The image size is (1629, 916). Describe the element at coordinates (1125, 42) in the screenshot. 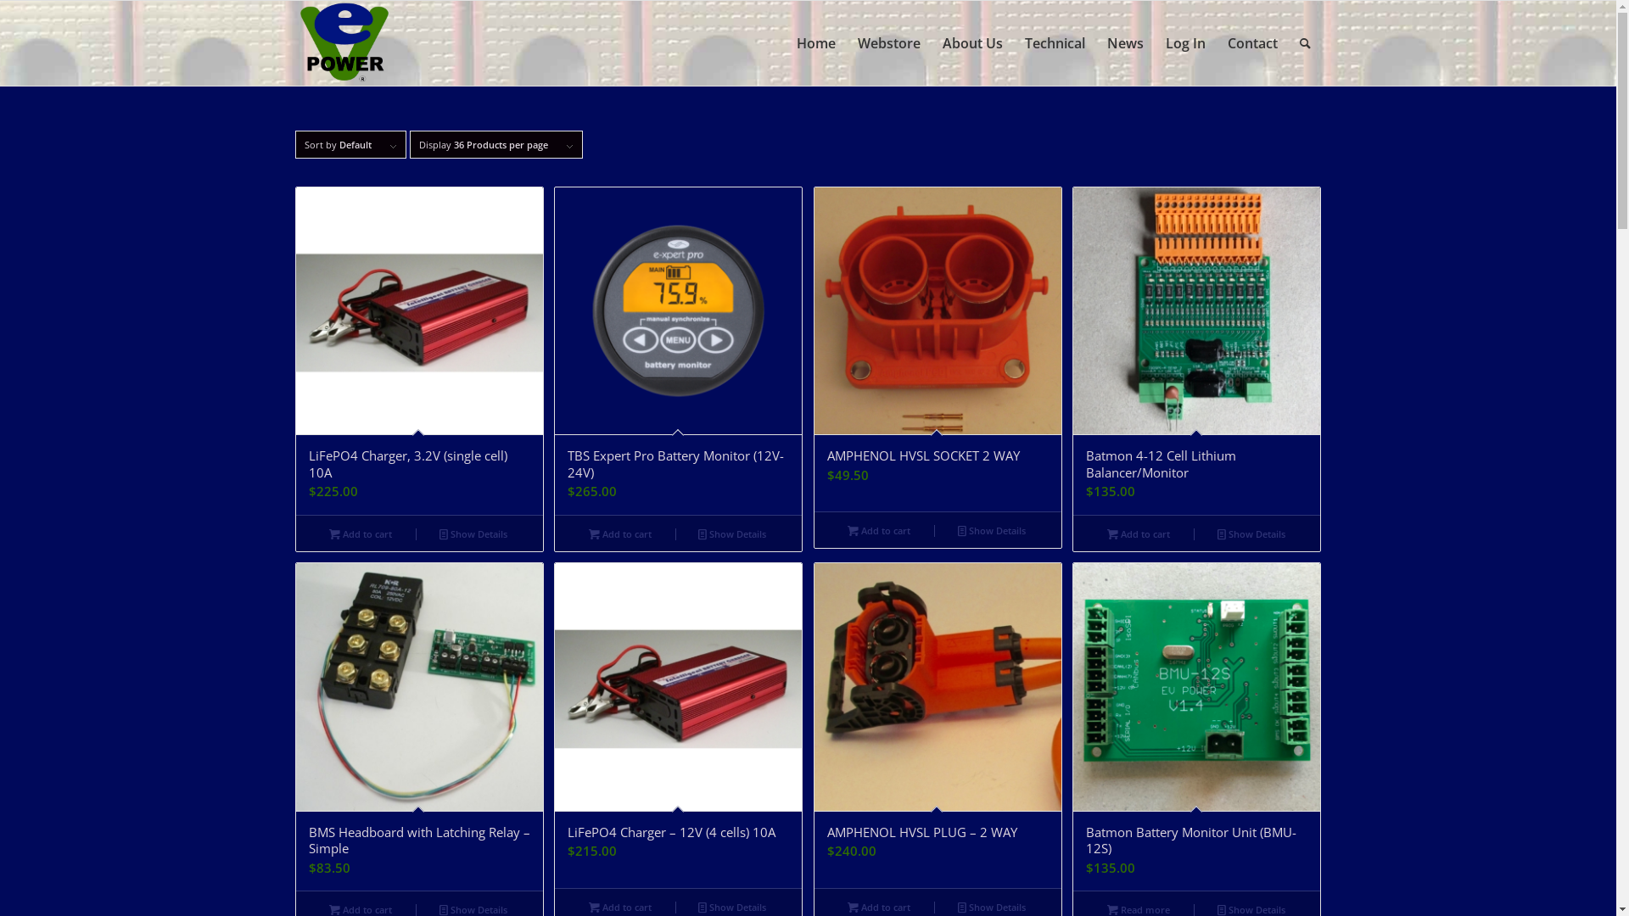

I see `'News'` at that location.